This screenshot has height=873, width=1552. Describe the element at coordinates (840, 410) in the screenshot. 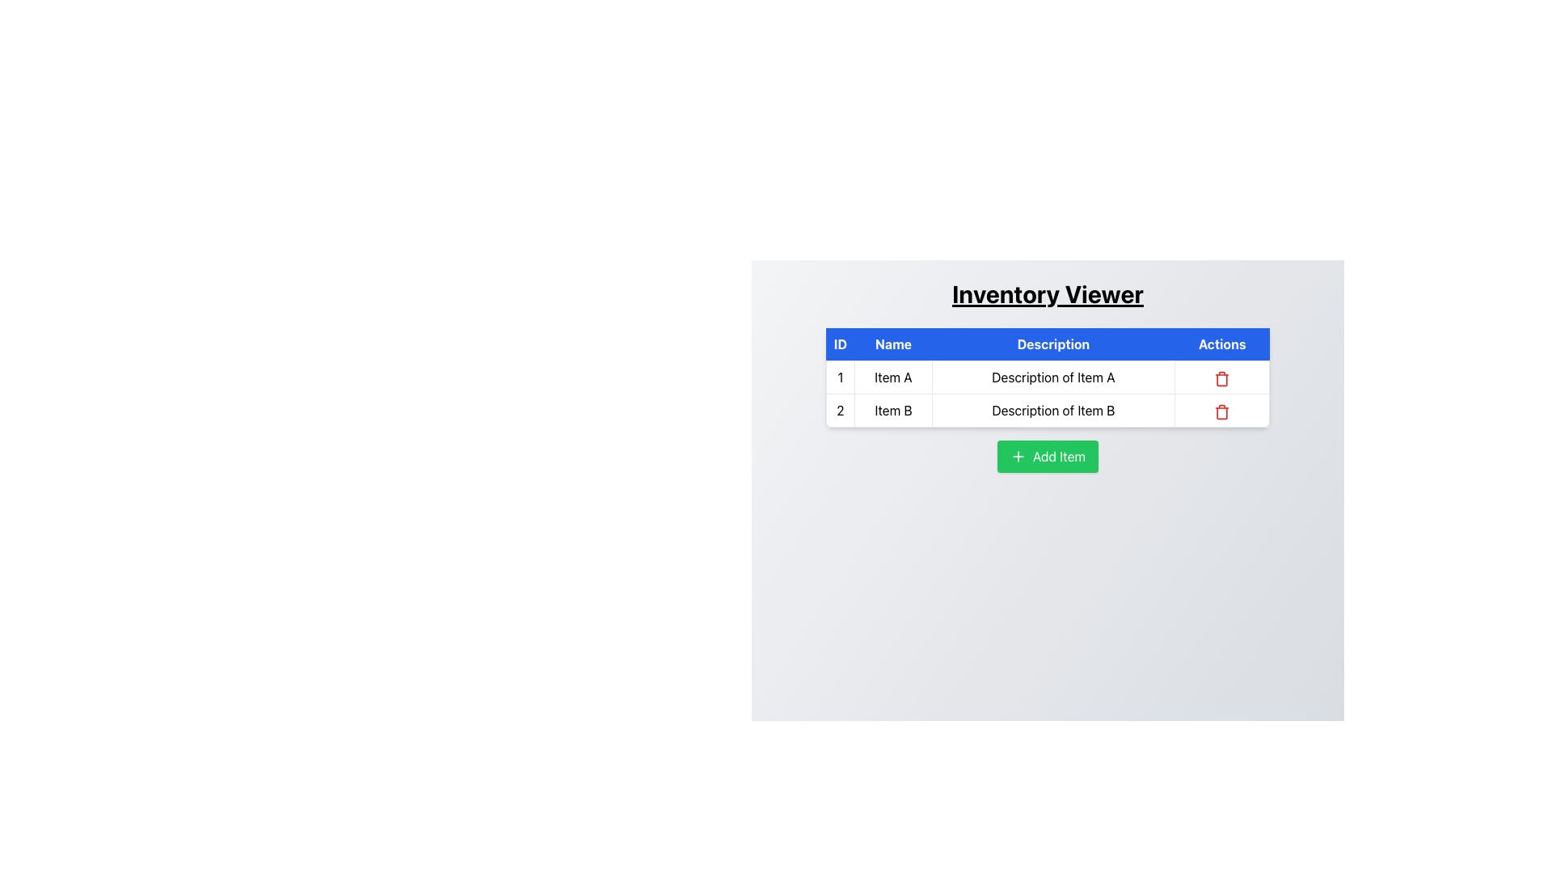

I see `the static text element displaying the number '2' in the first column of the second row of the table` at that location.